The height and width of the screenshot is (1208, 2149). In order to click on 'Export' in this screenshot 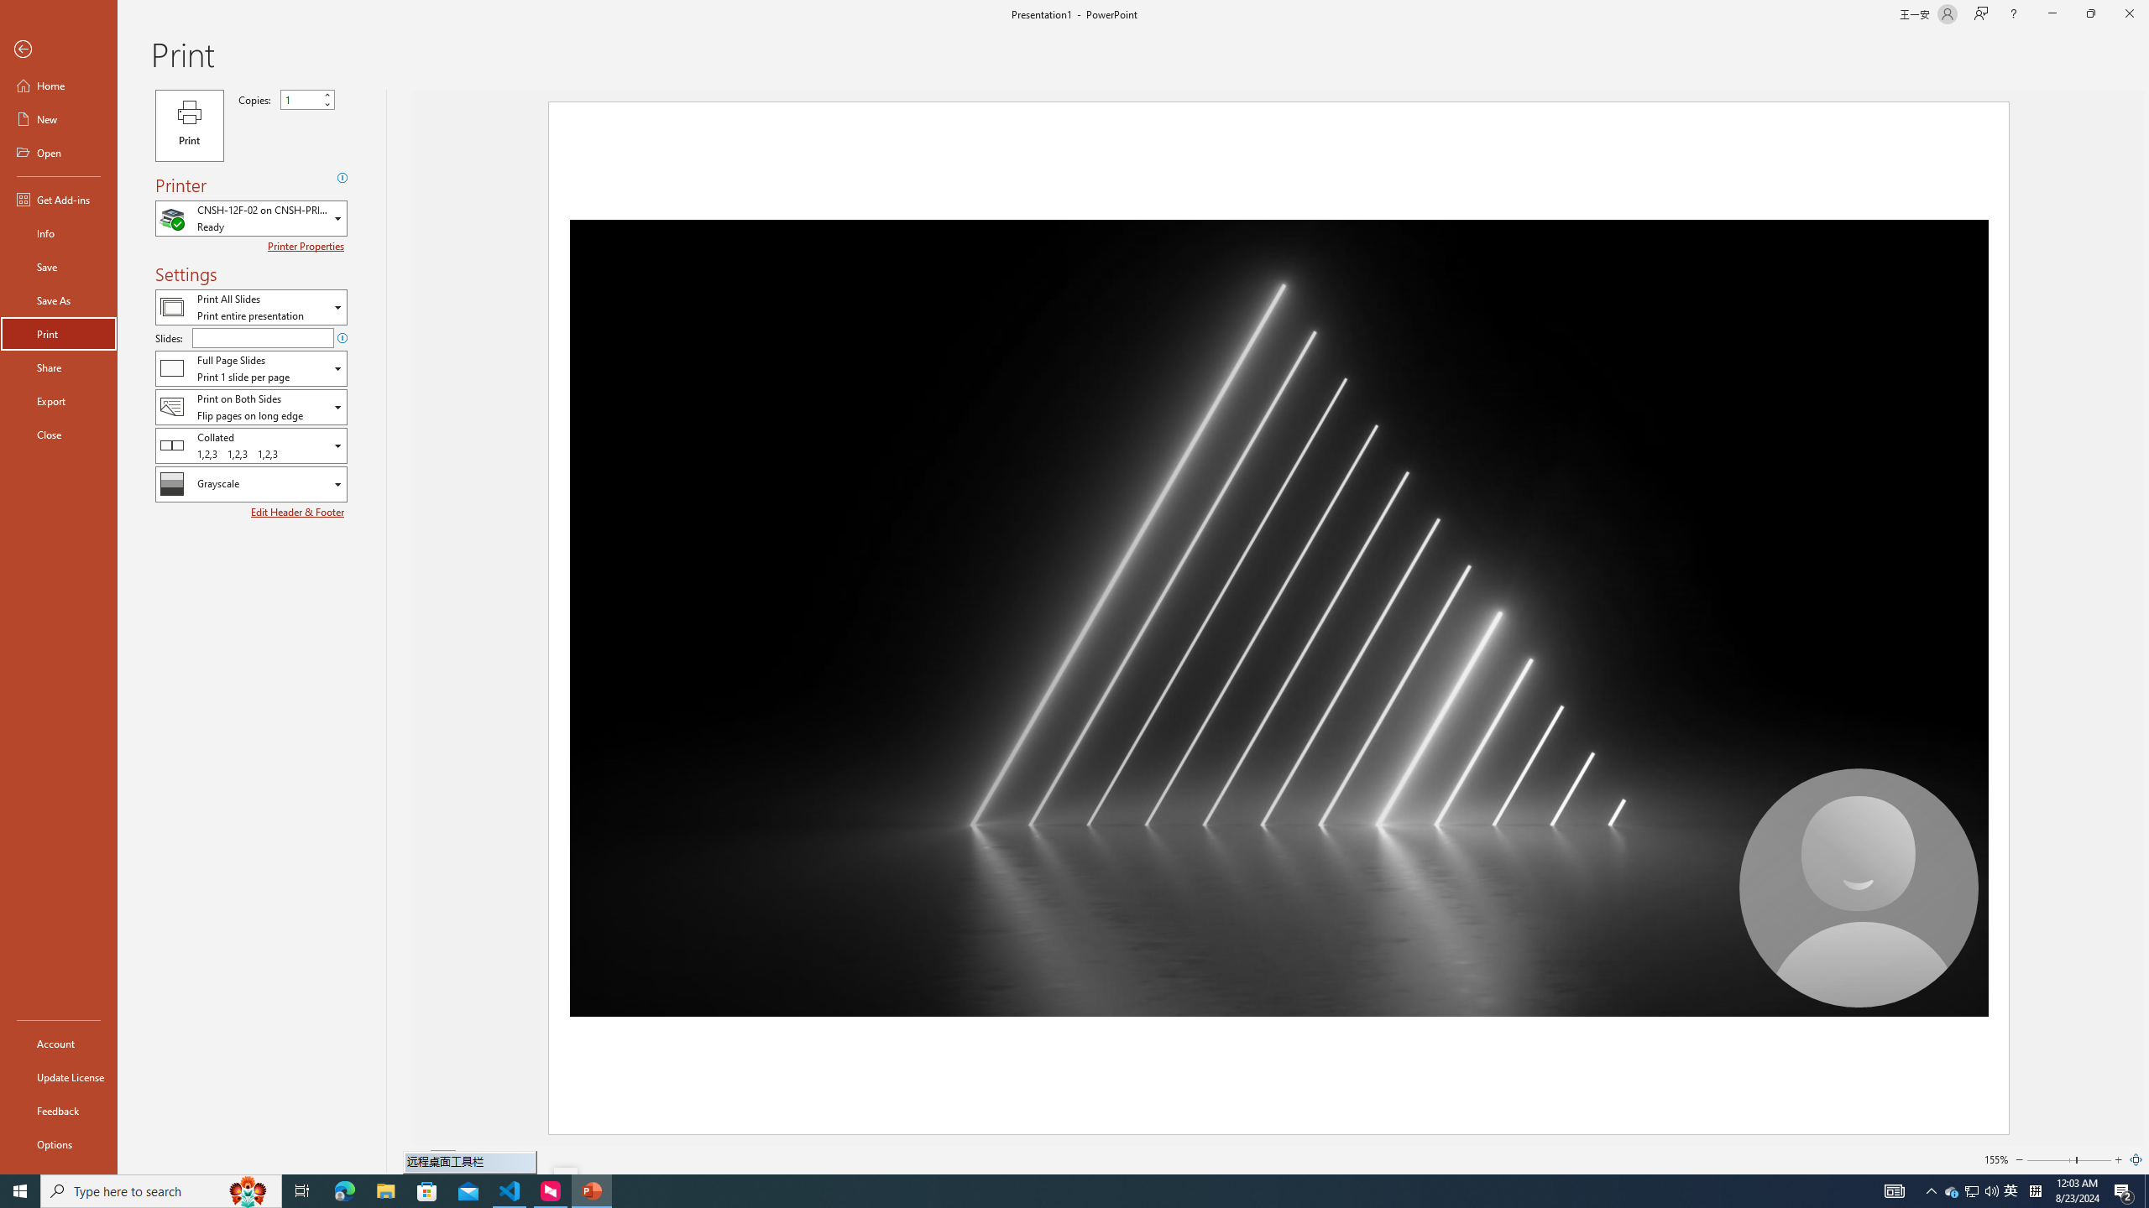, I will do `click(58, 401)`.